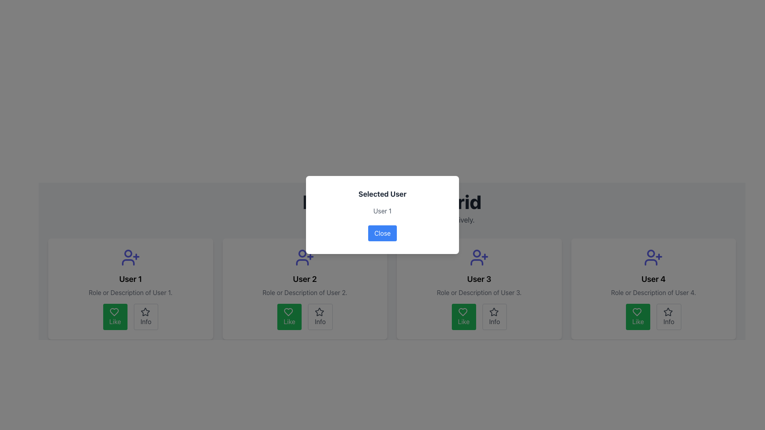 This screenshot has height=430, width=765. Describe the element at coordinates (382, 210) in the screenshot. I see `the Text Label that displays the name of the selected user, positioned in the middle of a column within the modal dialog box` at that location.